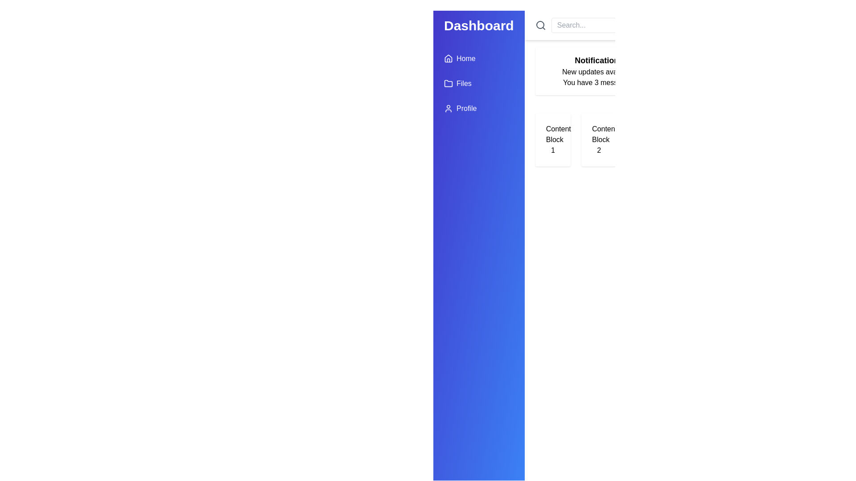  I want to click on the non-interactive Text label that displays system status updates, located below the 'Notifications' header and above 'You have 3 messages.', so click(599, 72).